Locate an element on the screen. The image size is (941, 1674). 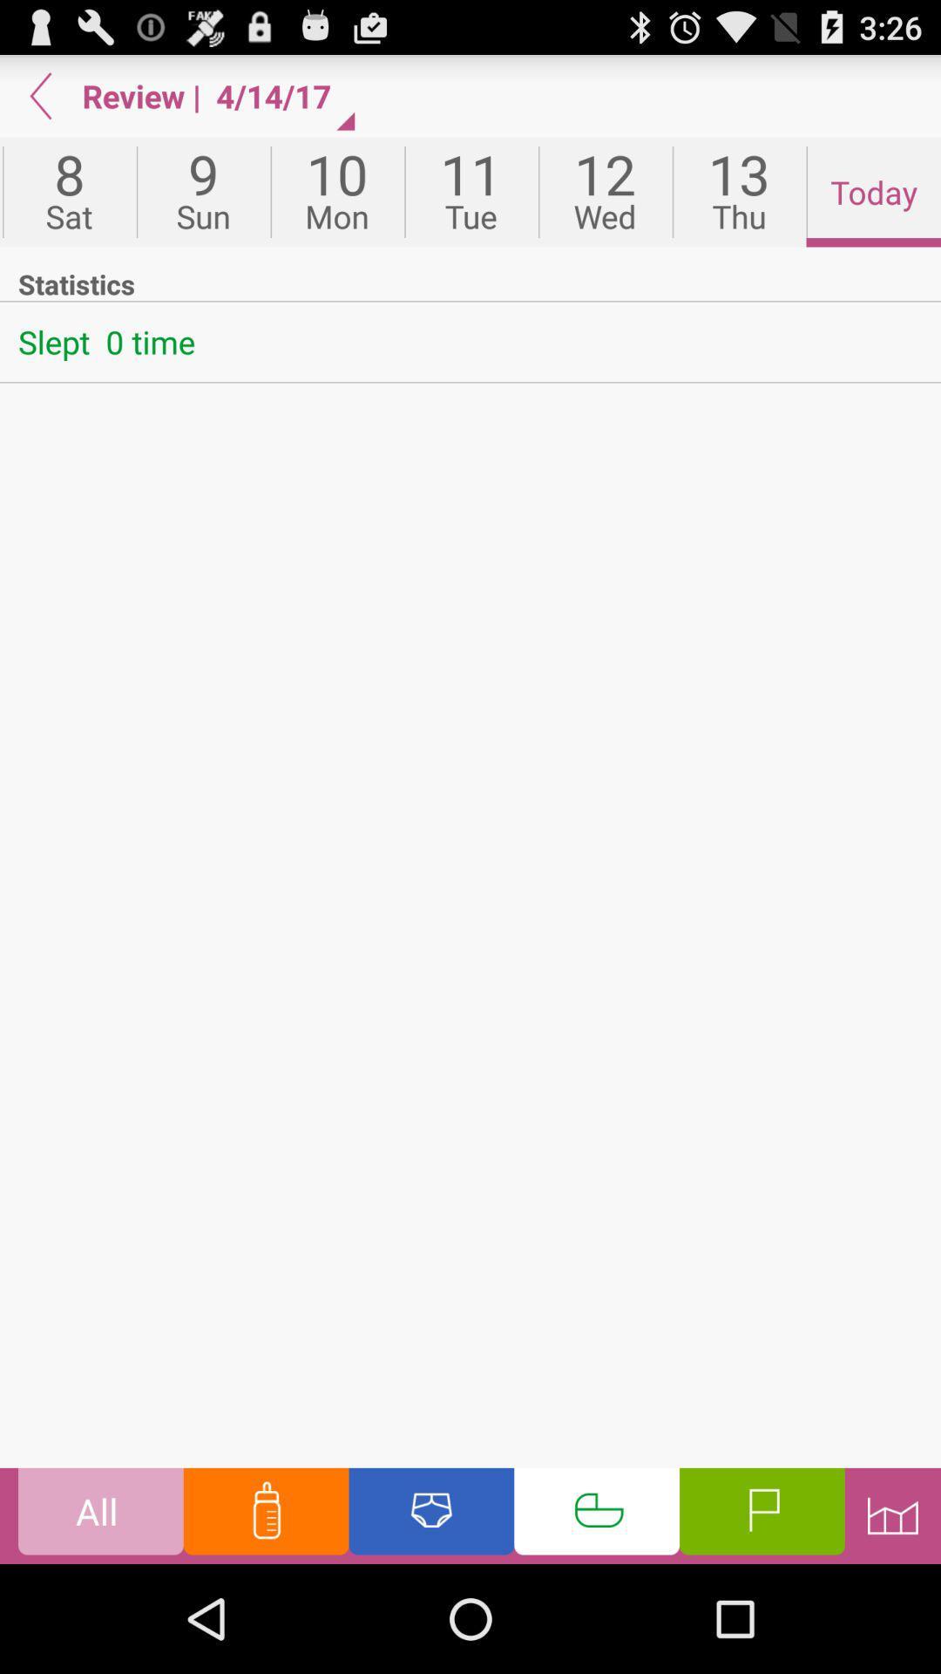
the app next to the 9 icon is located at coordinates (68, 192).